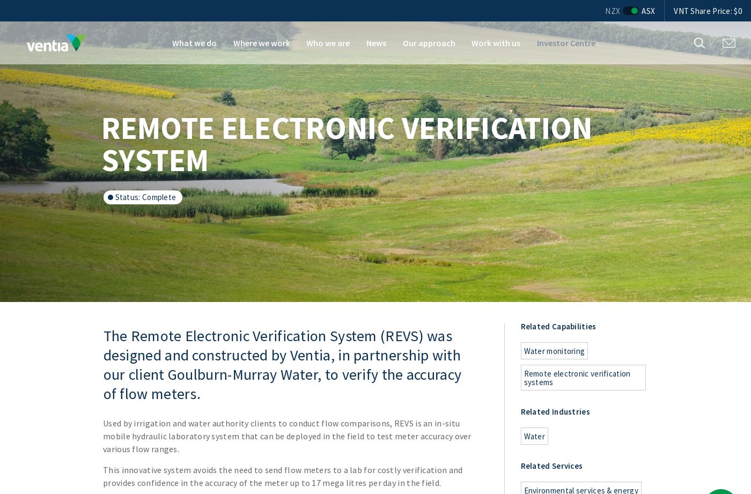 The width and height of the screenshot is (751, 494). Describe the element at coordinates (142, 197) in the screenshot. I see `'complete'` at that location.